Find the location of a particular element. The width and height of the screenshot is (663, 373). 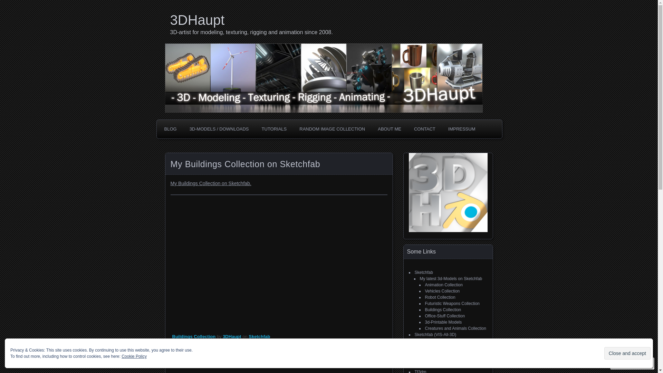

'Sketchfab (VIS-All-3D)' is located at coordinates (414, 334).